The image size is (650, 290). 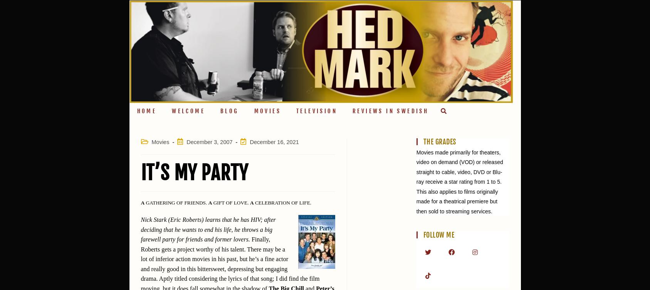 What do you see at coordinates (160, 141) in the screenshot?
I see `'Movies'` at bounding box center [160, 141].